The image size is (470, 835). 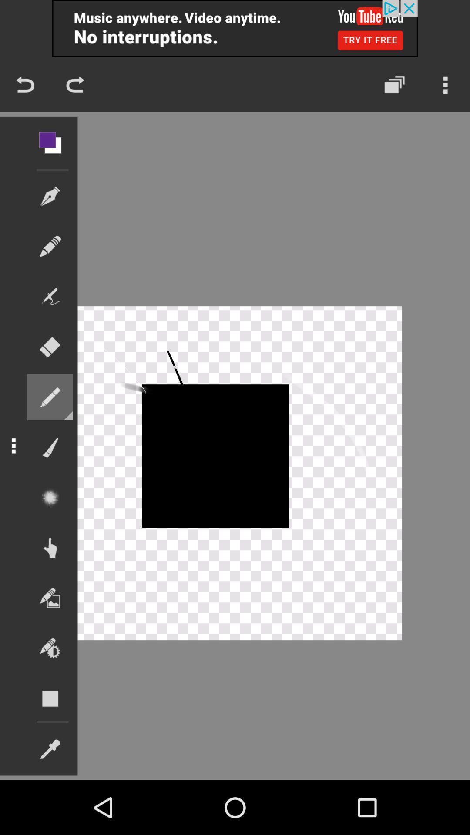 What do you see at coordinates (50, 196) in the screenshot?
I see `the edit icon` at bounding box center [50, 196].